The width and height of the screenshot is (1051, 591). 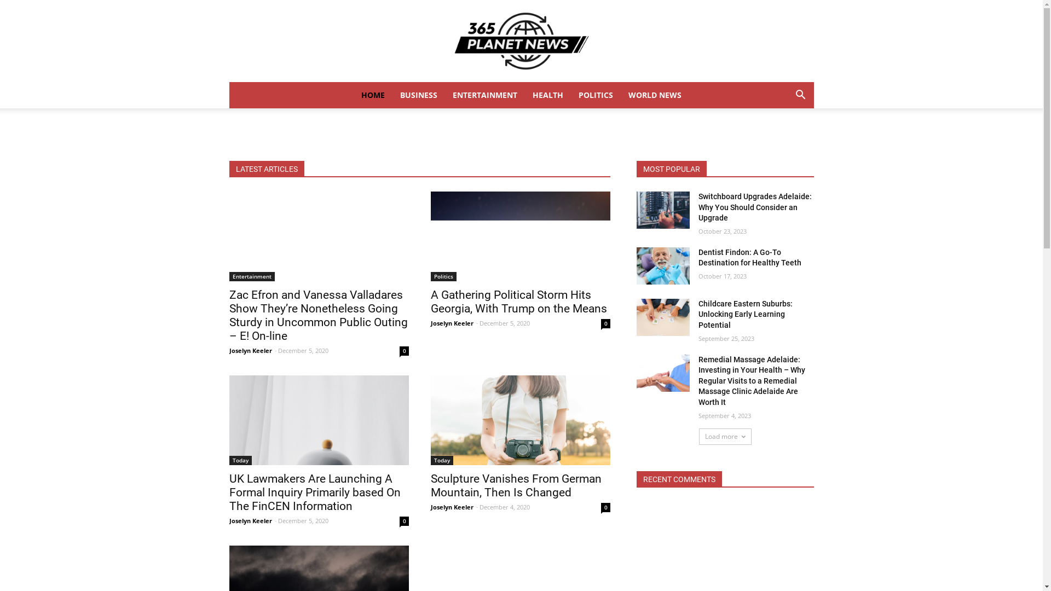 I want to click on 'Today', so click(x=441, y=460).